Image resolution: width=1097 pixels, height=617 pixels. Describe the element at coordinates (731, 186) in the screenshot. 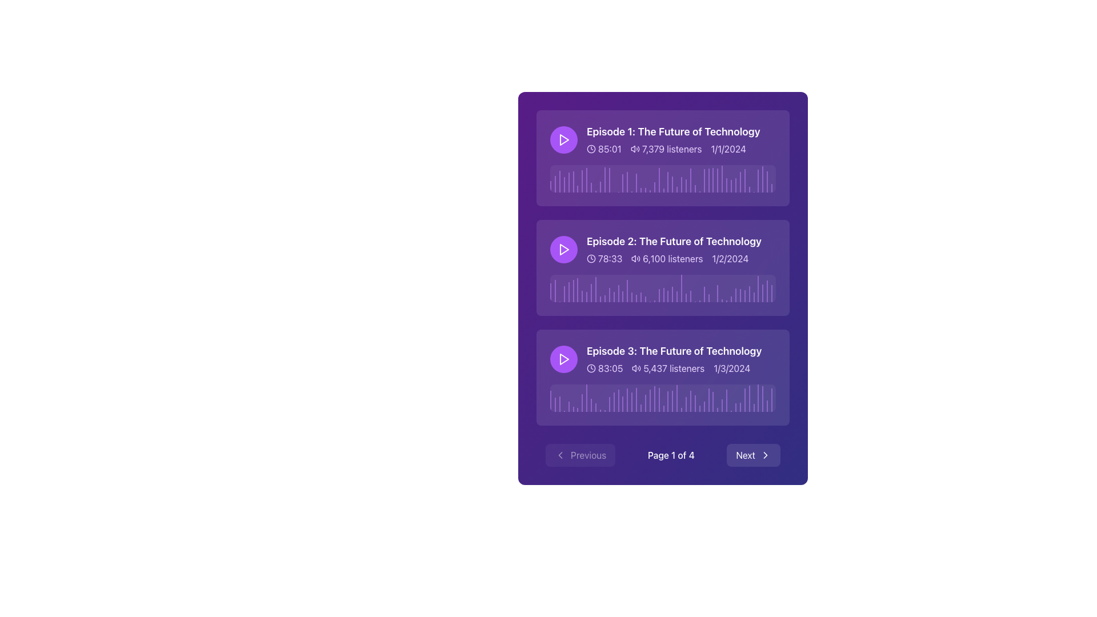

I see `the 41st purple, semi-transparent Waveform Bar located in the graphical representation of sound waves` at that location.